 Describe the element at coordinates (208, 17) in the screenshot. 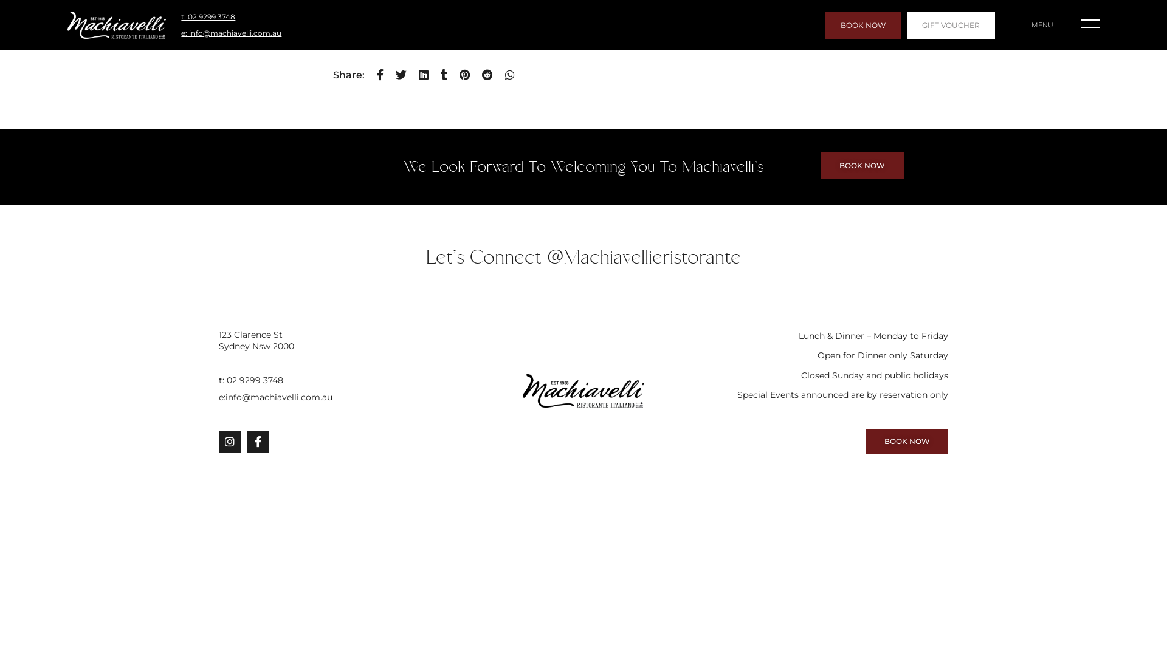

I see `'t: 02 9299 3748'` at that location.